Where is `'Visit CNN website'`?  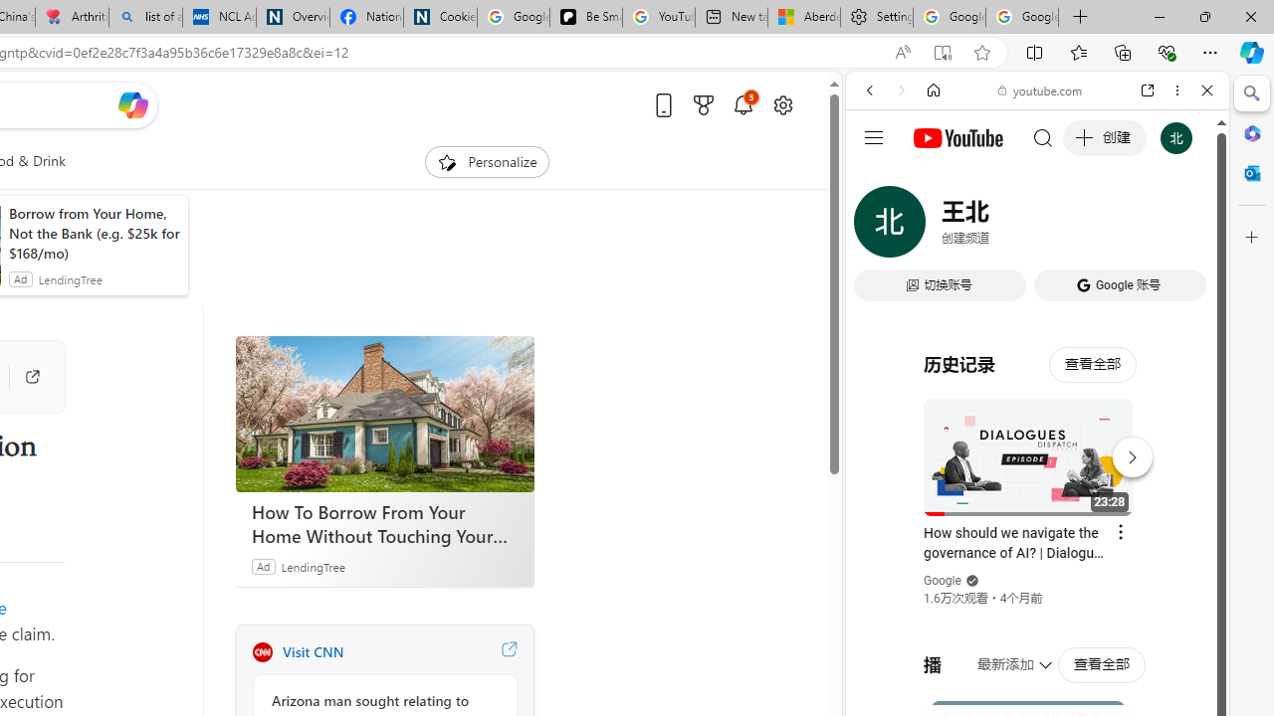 'Visit CNN website' is located at coordinates (509, 651).